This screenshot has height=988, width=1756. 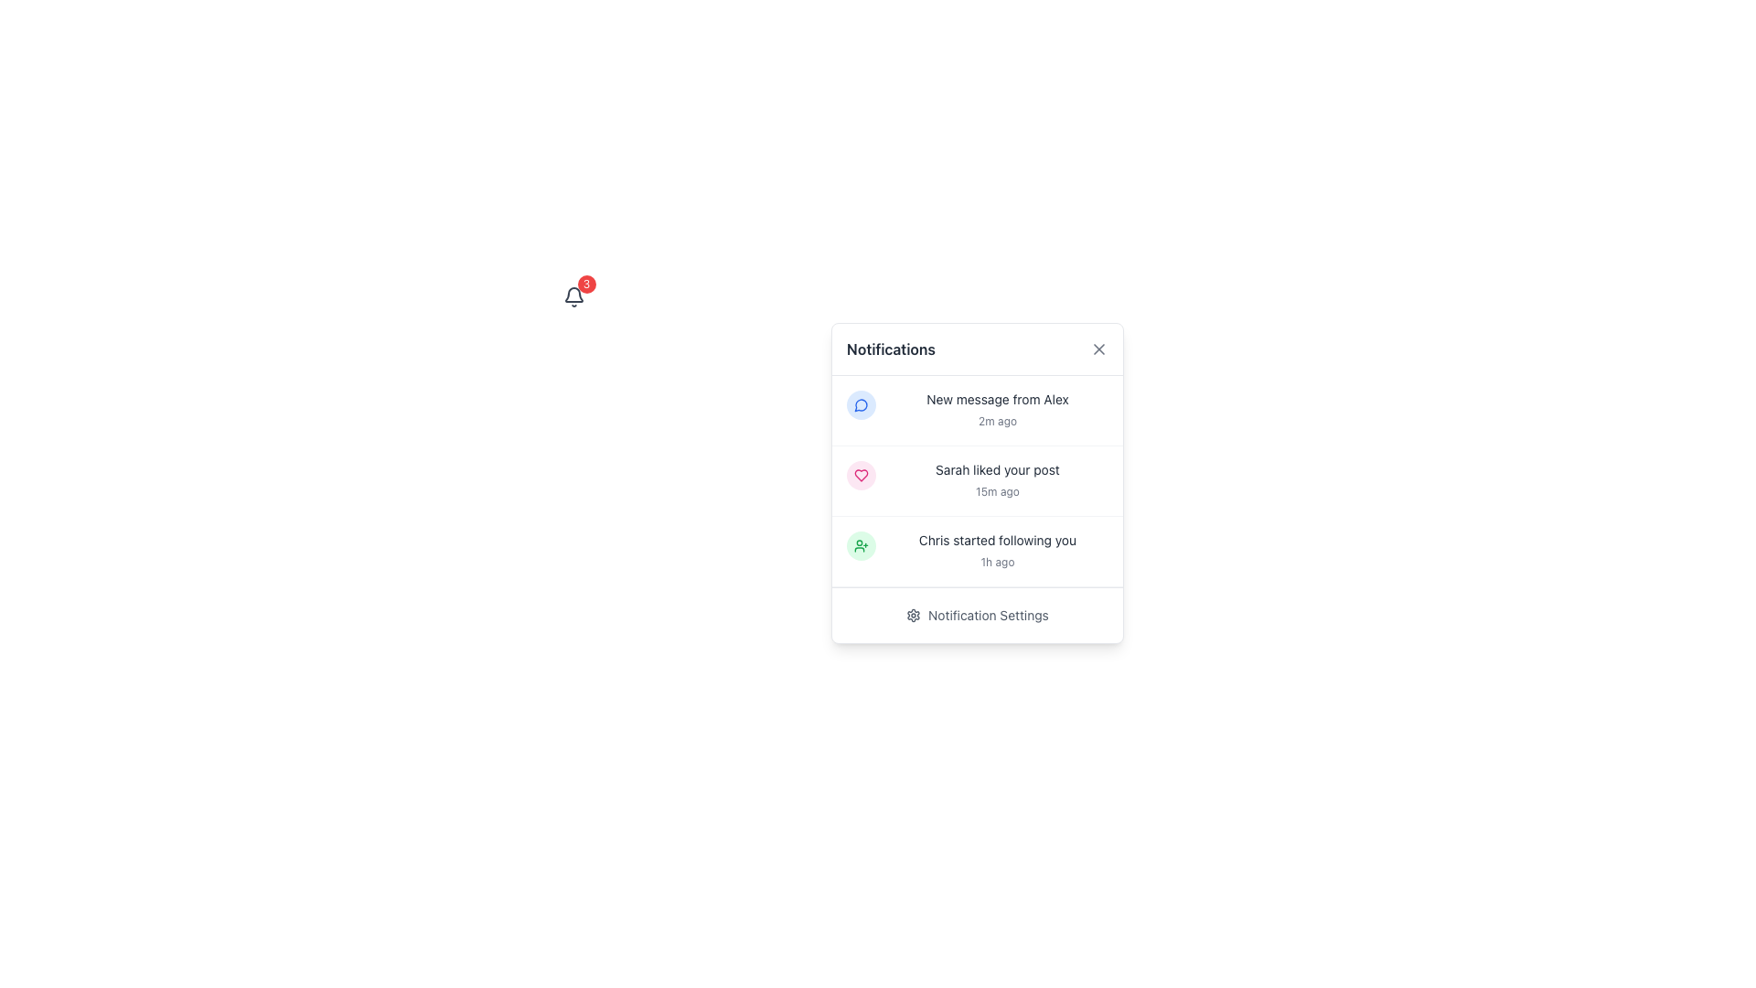 What do you see at coordinates (977, 479) in the screenshot?
I see `the second notification item that informs the user that Sarah has liked one of their posts, positioned between 'New message from Alex' and 'Chris started following you'` at bounding box center [977, 479].